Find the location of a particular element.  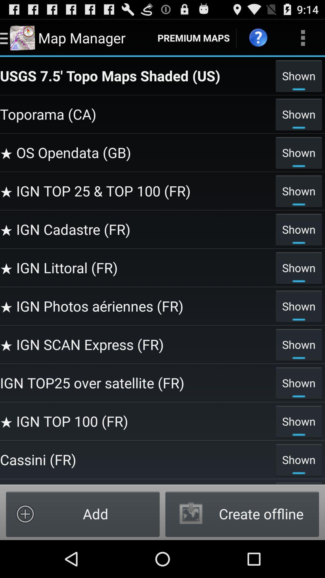

icon above shown is located at coordinates (303, 37).